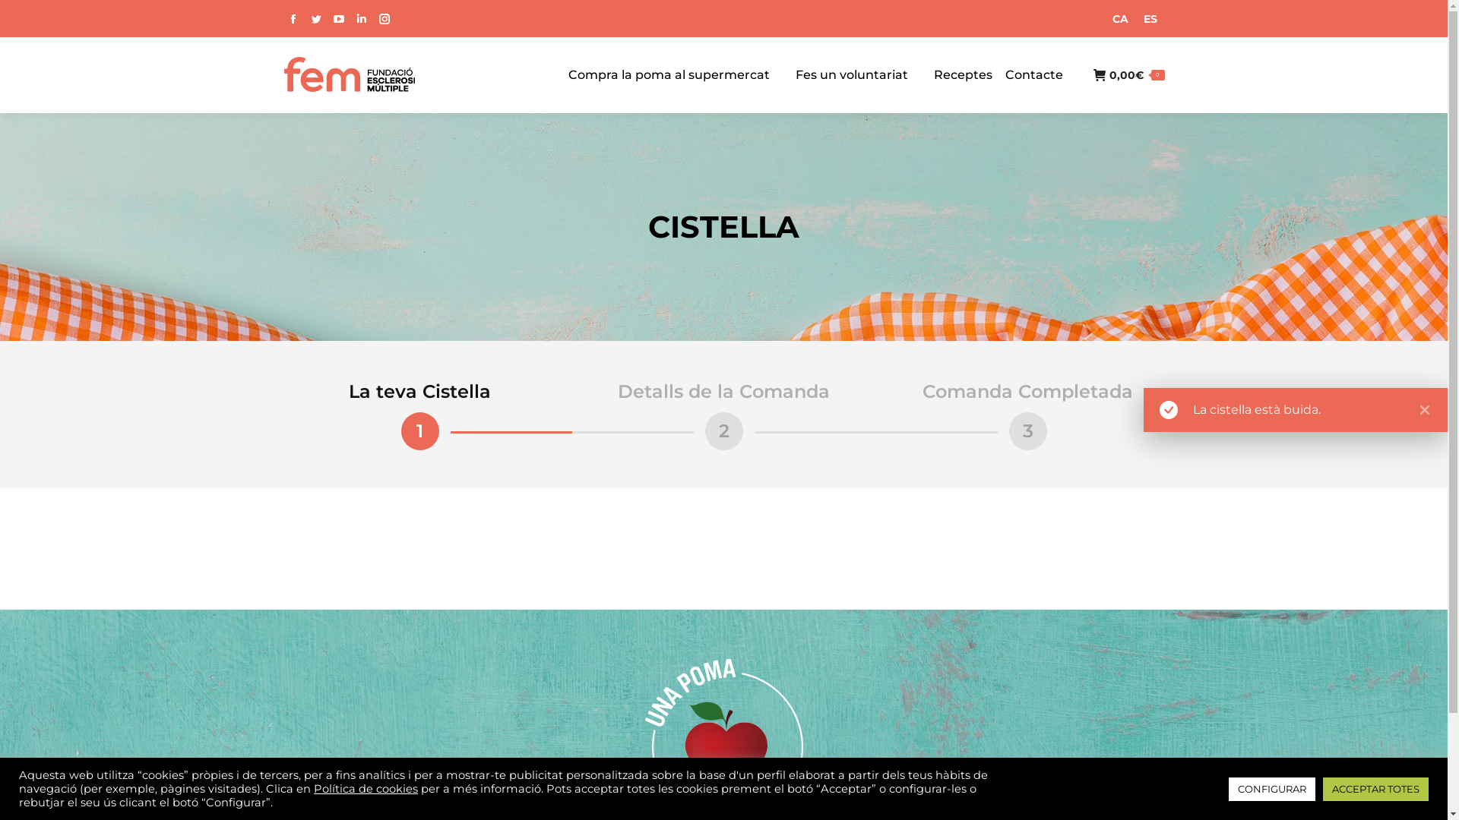  What do you see at coordinates (722, 415) in the screenshot?
I see `'Detalls de la Comanda` at bounding box center [722, 415].